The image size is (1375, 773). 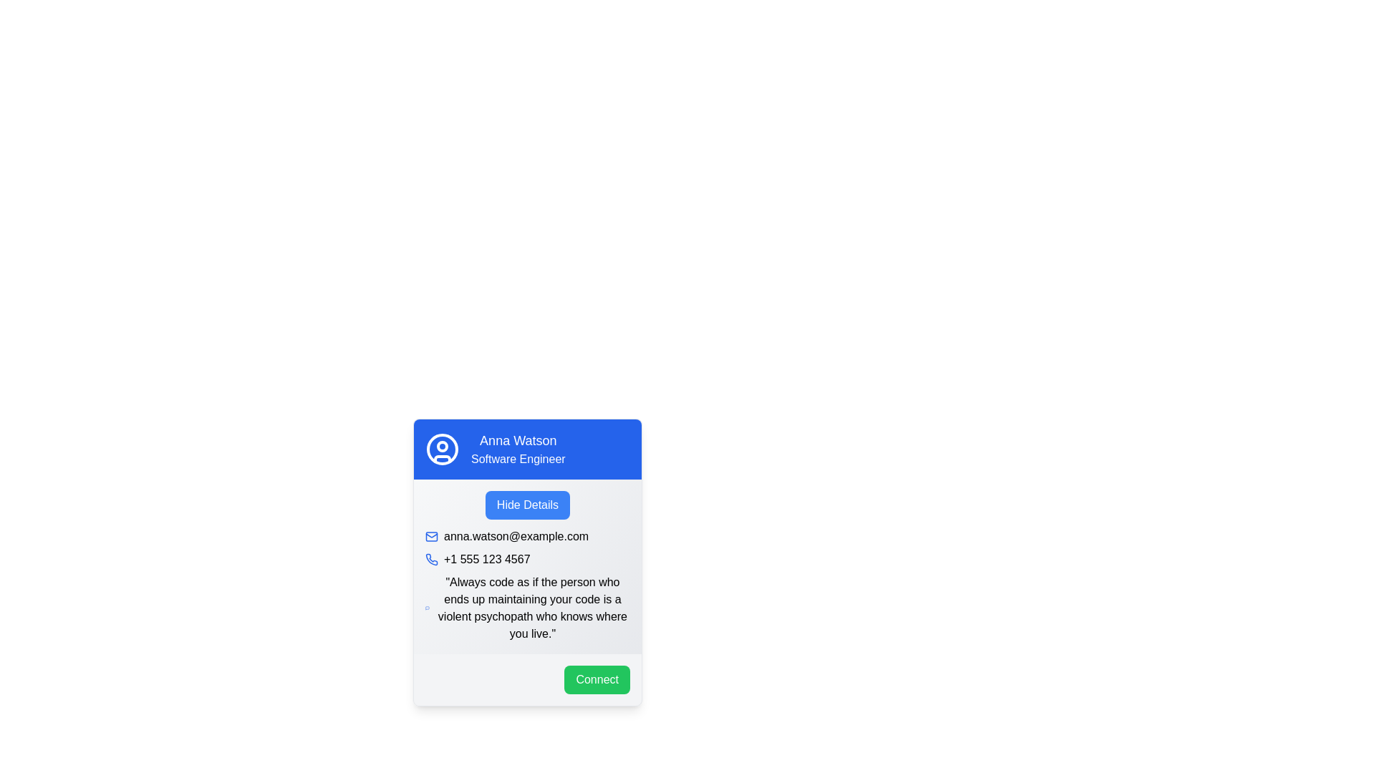 I want to click on the text within the inspirational quote text block located at the bottom of the contact details section, so click(x=527, y=608).